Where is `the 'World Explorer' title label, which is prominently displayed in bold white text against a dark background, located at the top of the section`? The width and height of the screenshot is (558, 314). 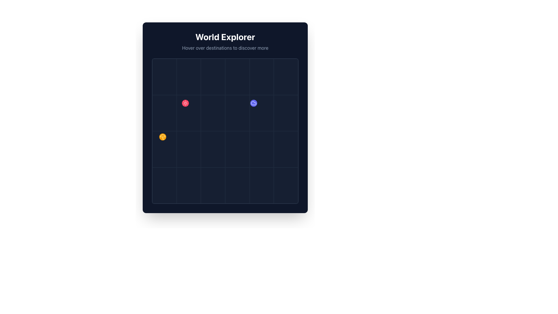 the 'World Explorer' title label, which is prominently displayed in bold white text against a dark background, located at the top of the section is located at coordinates (225, 37).